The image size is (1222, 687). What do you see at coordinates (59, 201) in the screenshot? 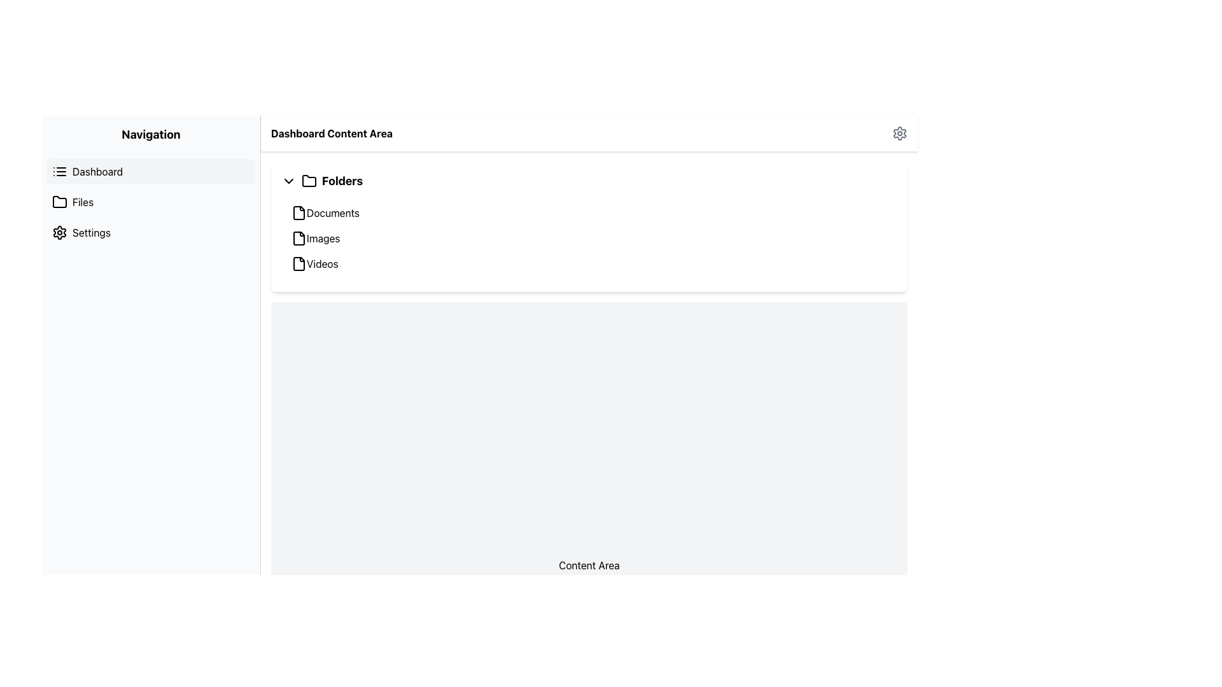
I see `the folder icon representing file management in the navigation sidebar, located to the left of the 'Files' label` at bounding box center [59, 201].